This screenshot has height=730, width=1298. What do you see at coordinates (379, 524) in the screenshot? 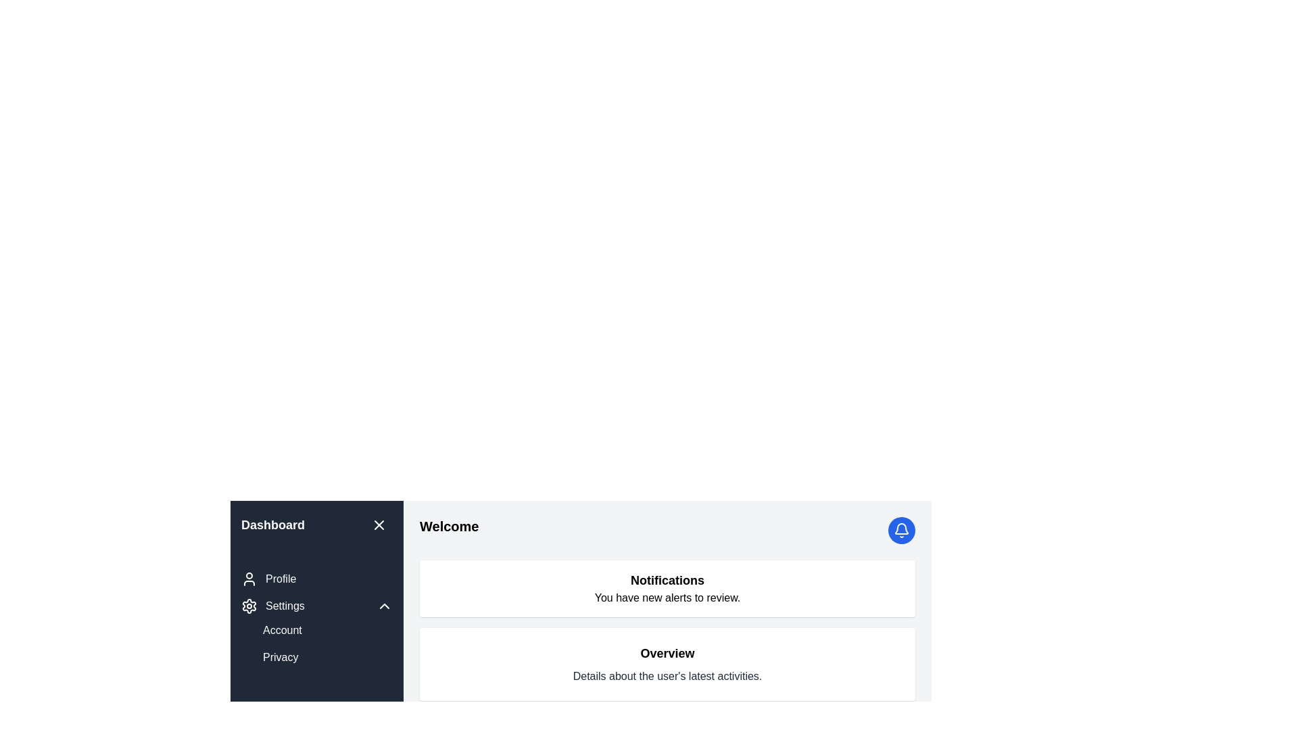
I see `the close button represented by a simplistic 'X' shape` at bounding box center [379, 524].